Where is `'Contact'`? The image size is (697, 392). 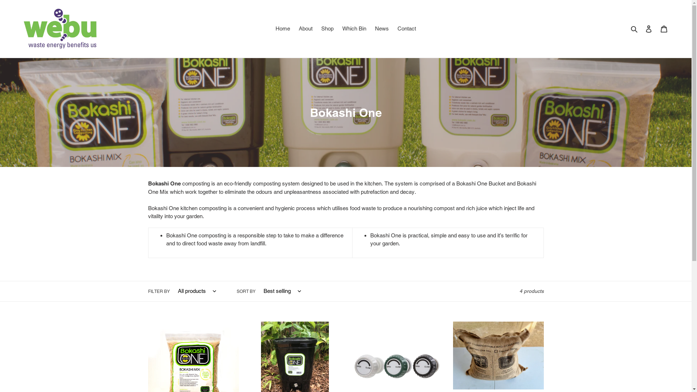 'Contact' is located at coordinates (393, 28).